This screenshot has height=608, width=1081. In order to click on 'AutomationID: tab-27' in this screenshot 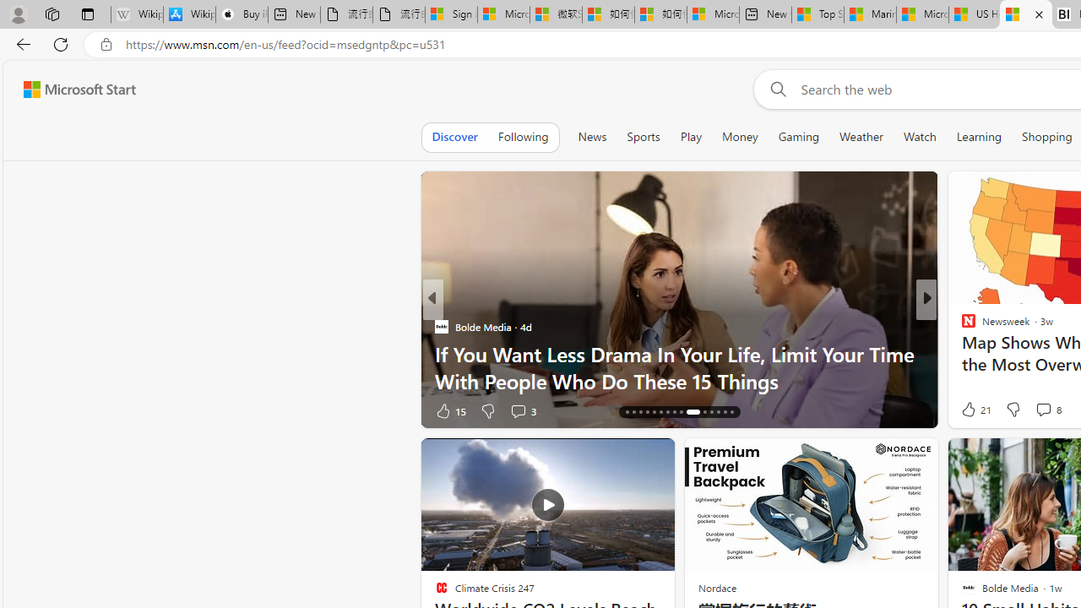, I will do `click(711, 412)`.